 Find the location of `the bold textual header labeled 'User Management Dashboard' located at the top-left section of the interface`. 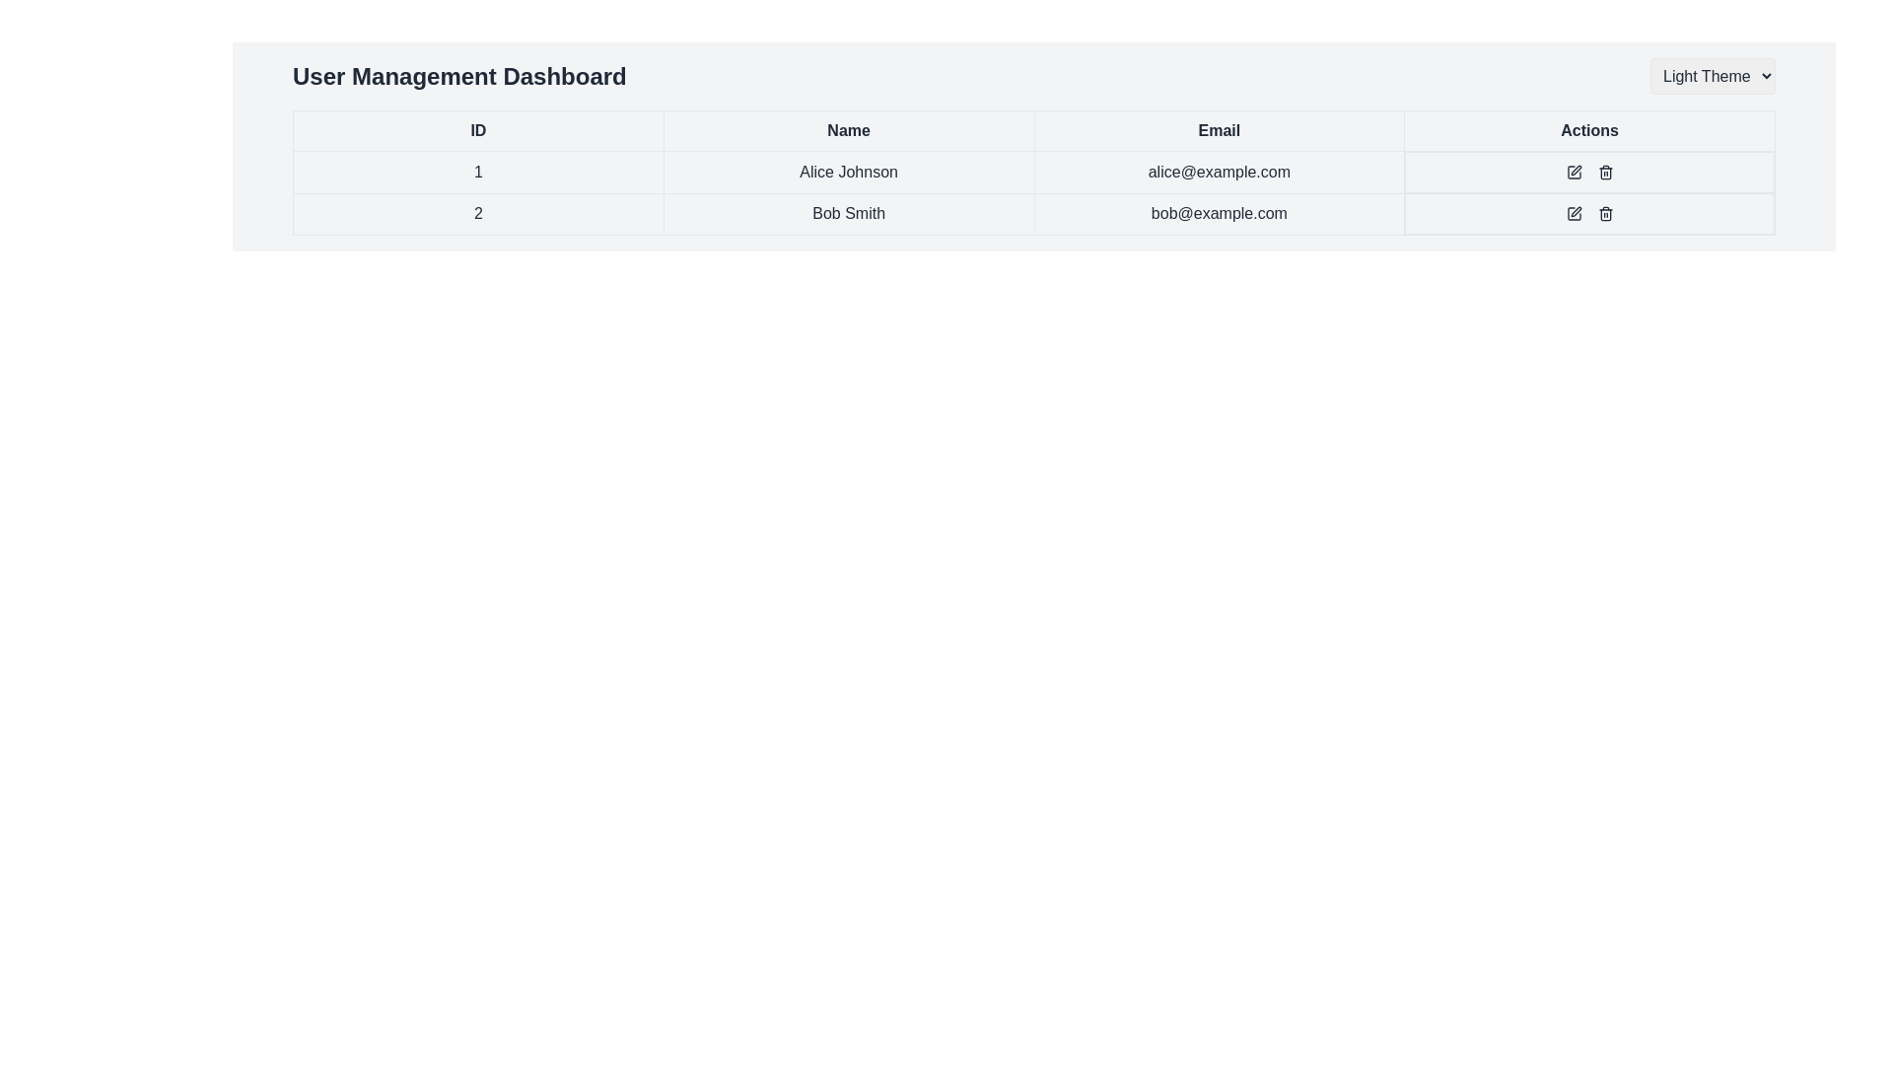

the bold textual header labeled 'User Management Dashboard' located at the top-left section of the interface is located at coordinates (458, 75).